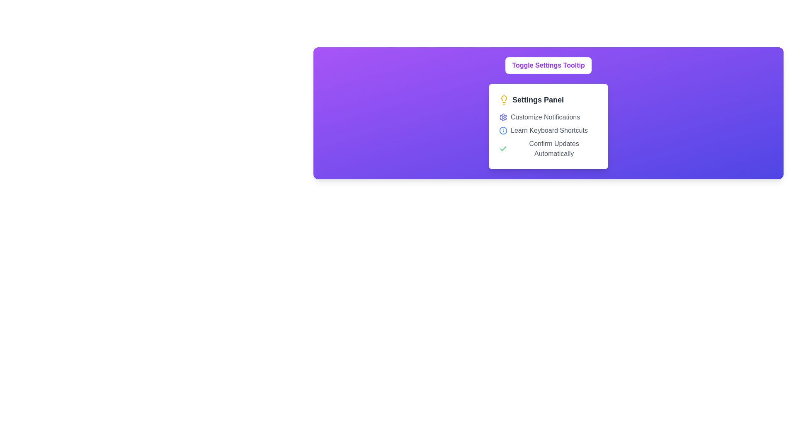 This screenshot has height=448, width=796. Describe the element at coordinates (548, 99) in the screenshot. I see `the settings label with icon located at the top of the content card` at that location.